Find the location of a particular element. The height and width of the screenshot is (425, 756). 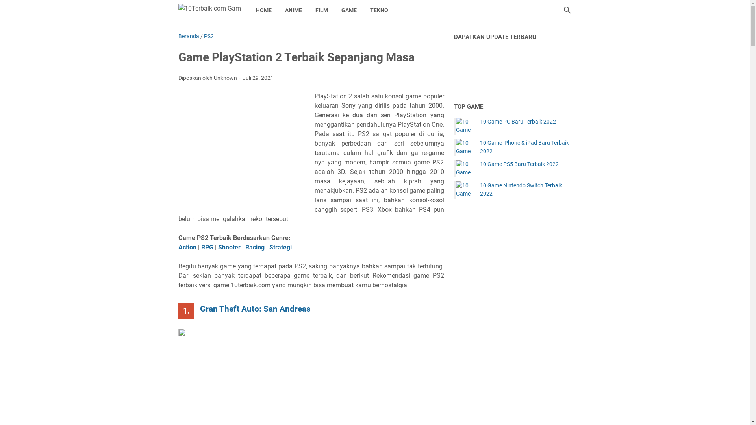

'Cari blog ini' is located at coordinates (562, 10).